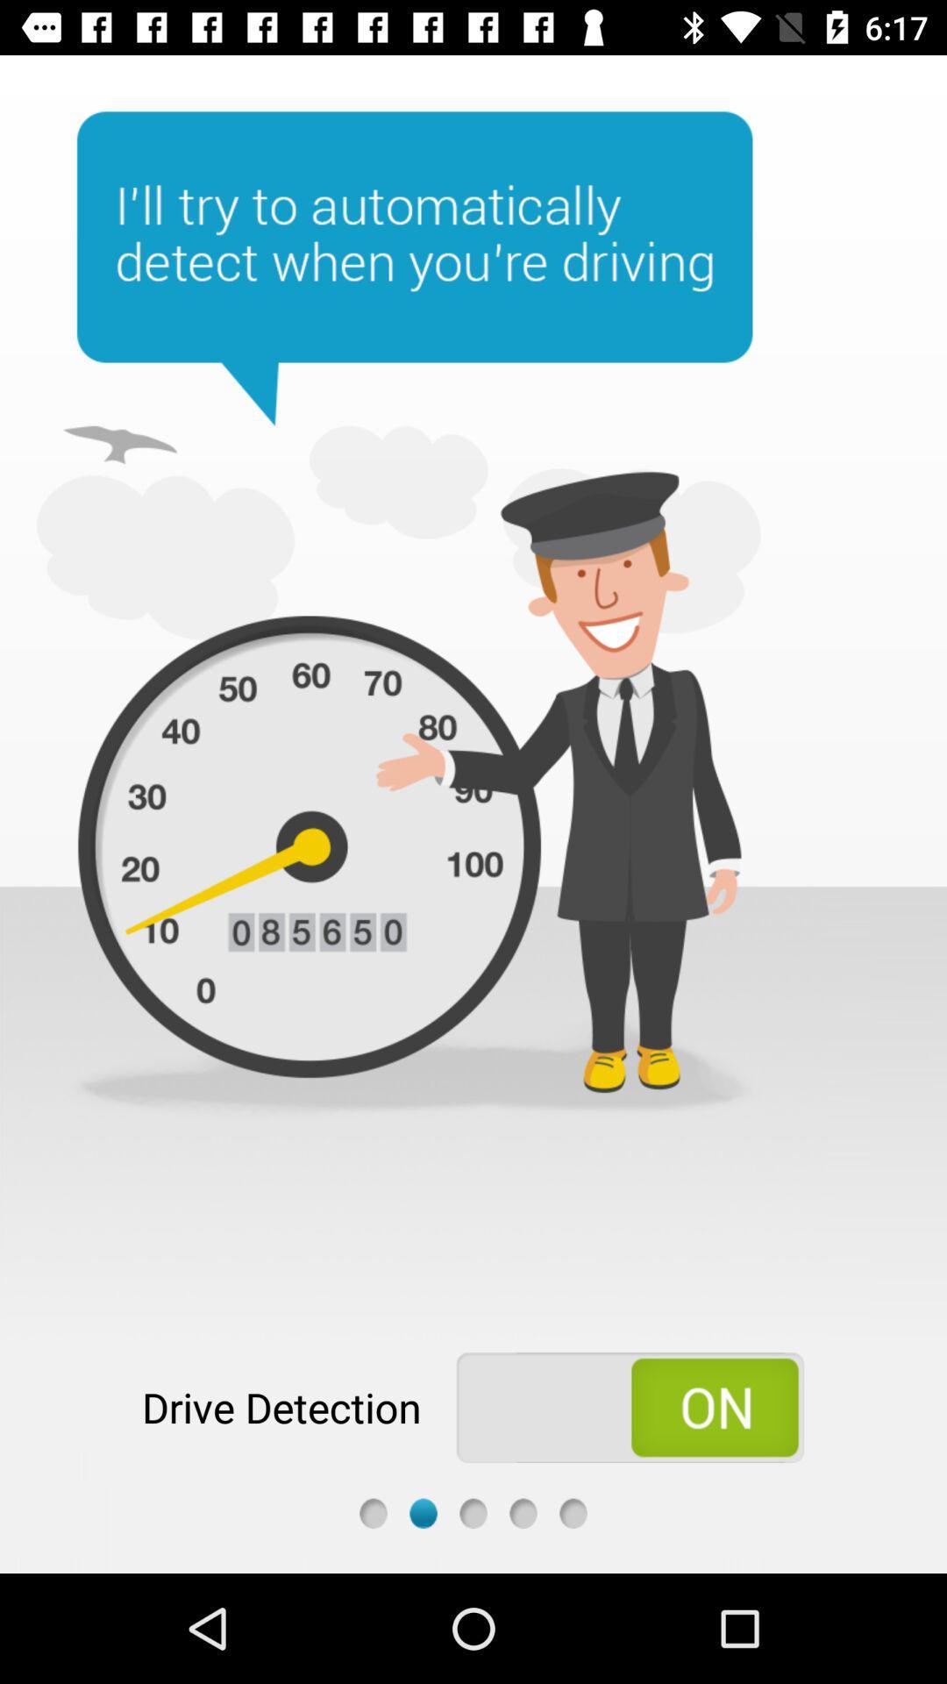 Image resolution: width=947 pixels, height=1684 pixels. Describe the element at coordinates (573, 1512) in the screenshot. I see `page` at that location.